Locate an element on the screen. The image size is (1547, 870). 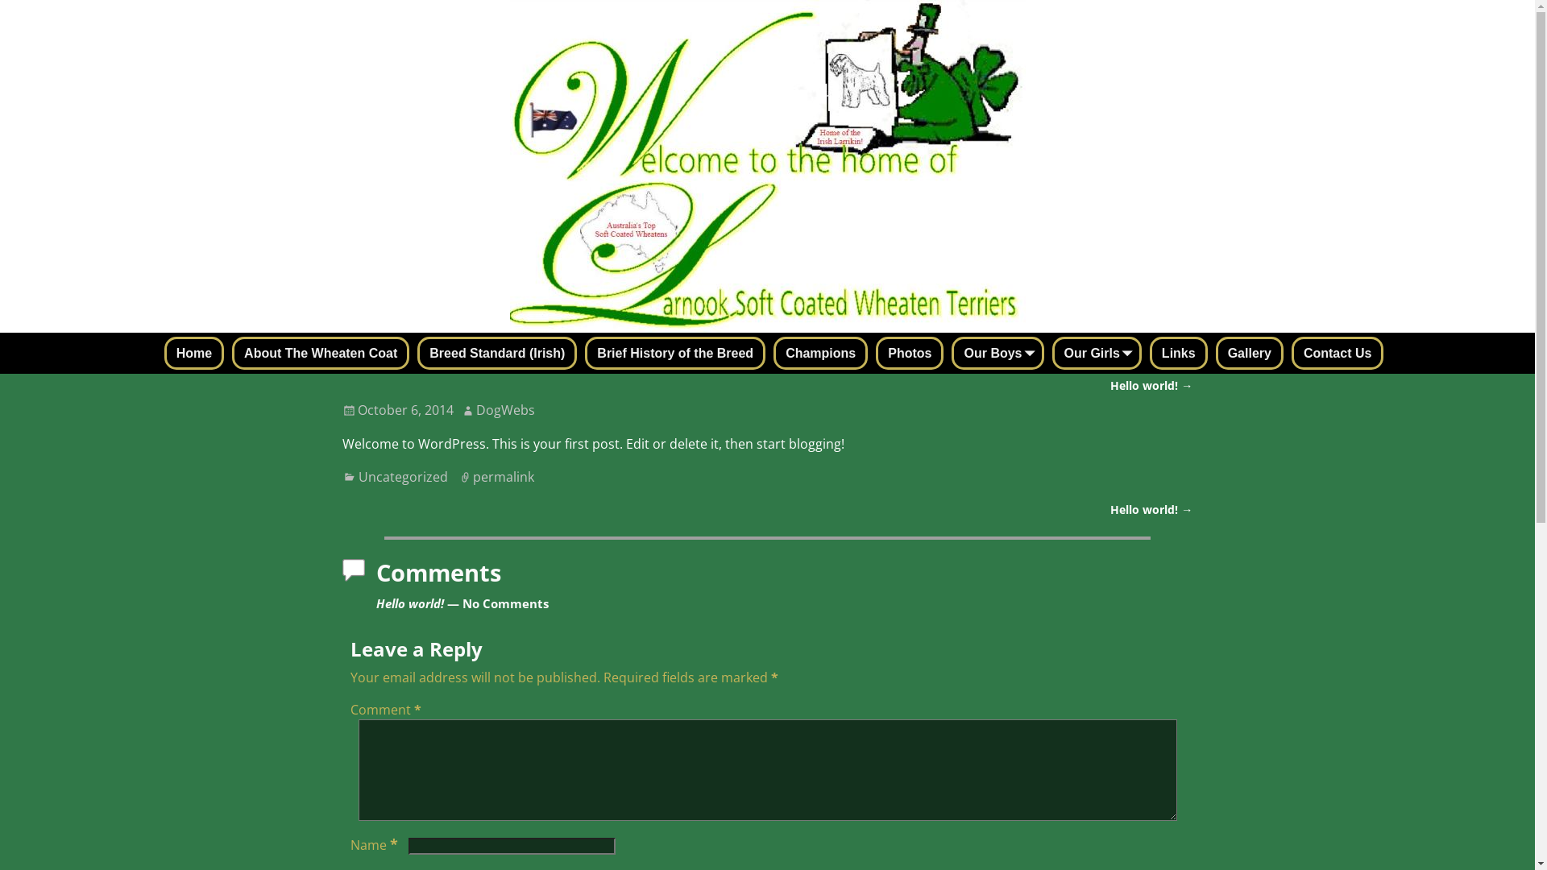
'Uncategorized' is located at coordinates (403, 475).